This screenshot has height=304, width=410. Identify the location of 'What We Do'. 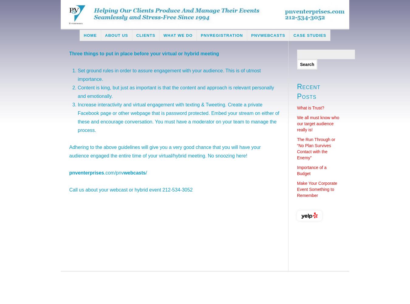
(178, 35).